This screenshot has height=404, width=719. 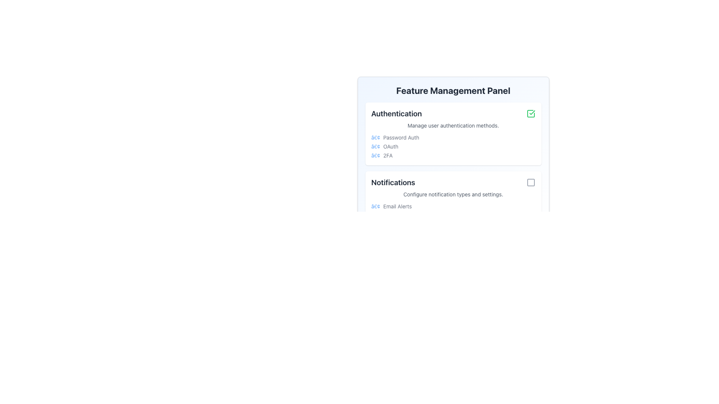 What do you see at coordinates (530, 183) in the screenshot?
I see `the interactive button for enabling or disabling notifications, located to the right of the 'Notifications' heading` at bounding box center [530, 183].